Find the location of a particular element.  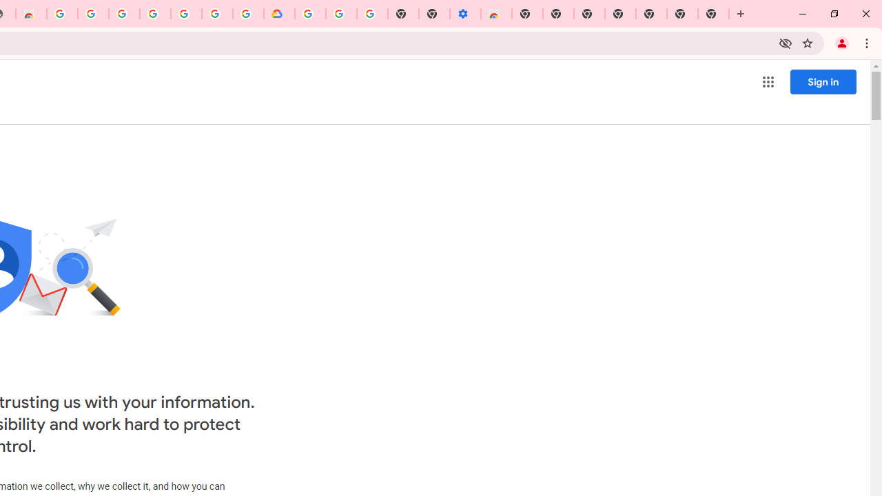

'Sign in - Google Accounts' is located at coordinates (124, 14).